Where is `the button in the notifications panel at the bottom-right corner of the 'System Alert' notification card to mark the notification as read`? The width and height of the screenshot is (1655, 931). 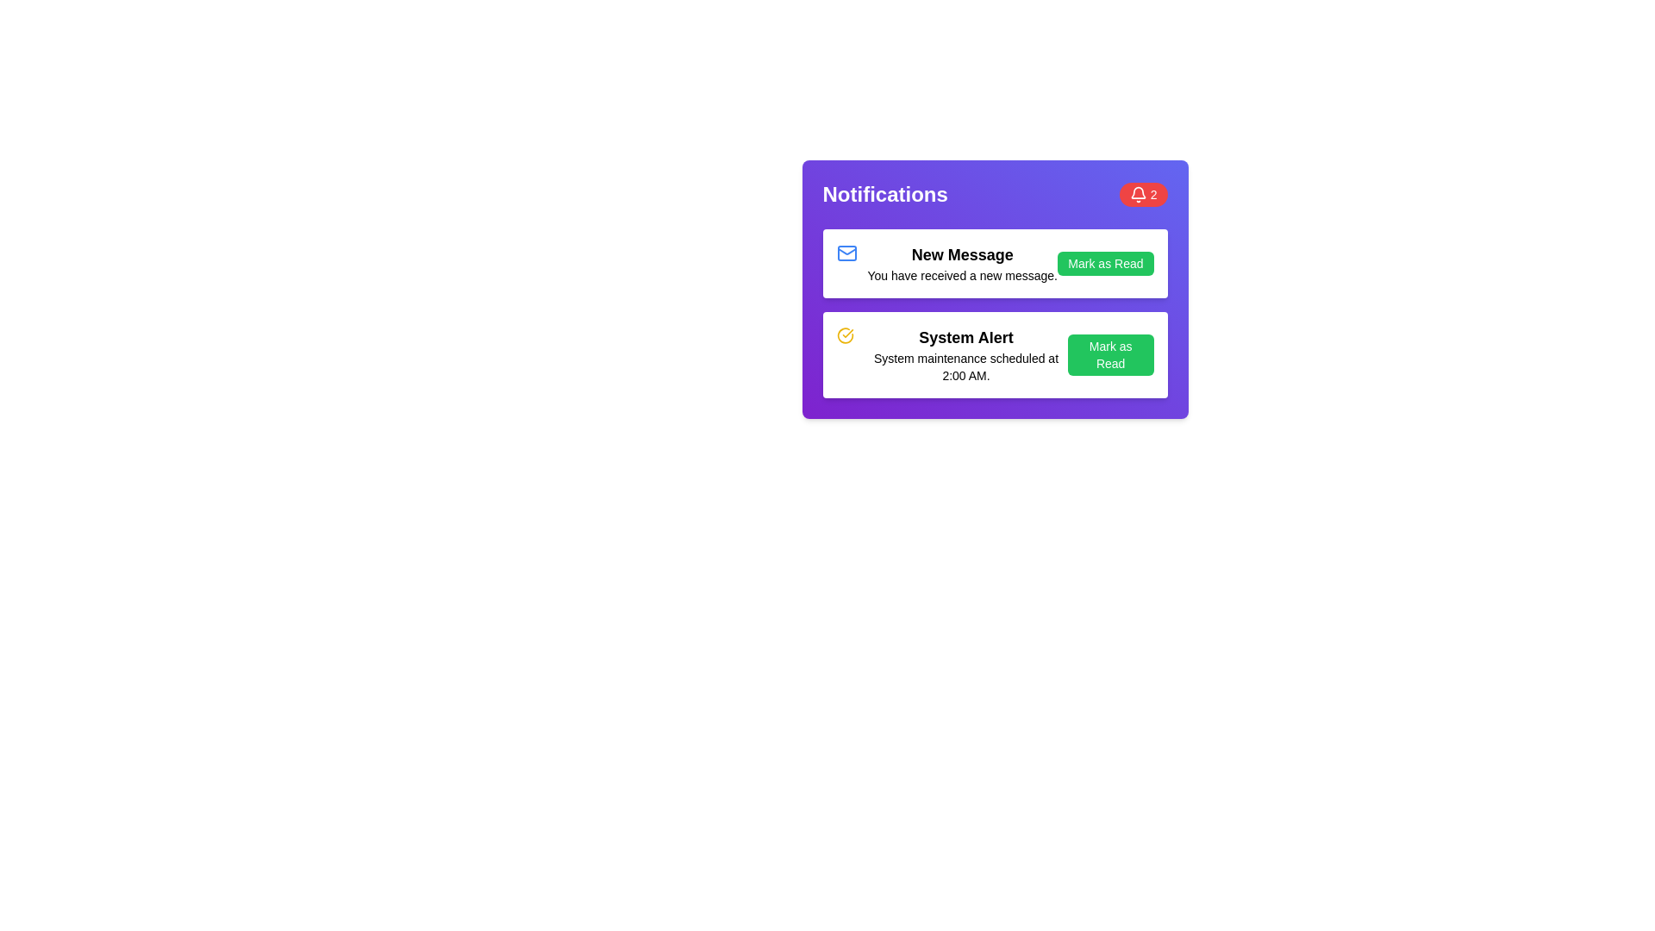 the button in the notifications panel at the bottom-right corner of the 'System Alert' notification card to mark the notification as read is located at coordinates (1110, 354).